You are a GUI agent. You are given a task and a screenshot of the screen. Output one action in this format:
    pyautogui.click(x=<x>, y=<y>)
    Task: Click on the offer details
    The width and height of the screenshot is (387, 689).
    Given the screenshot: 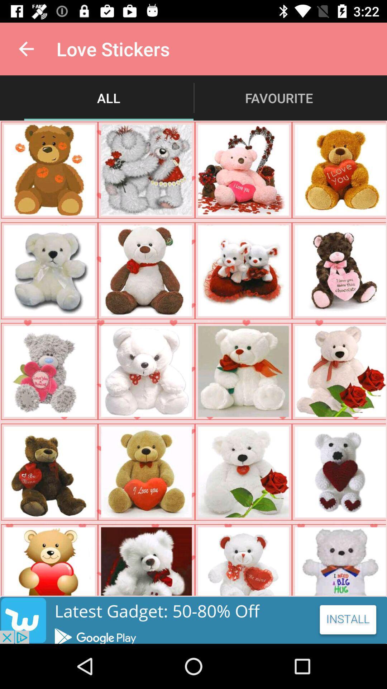 What is the action you would take?
    pyautogui.click(x=193, y=620)
    